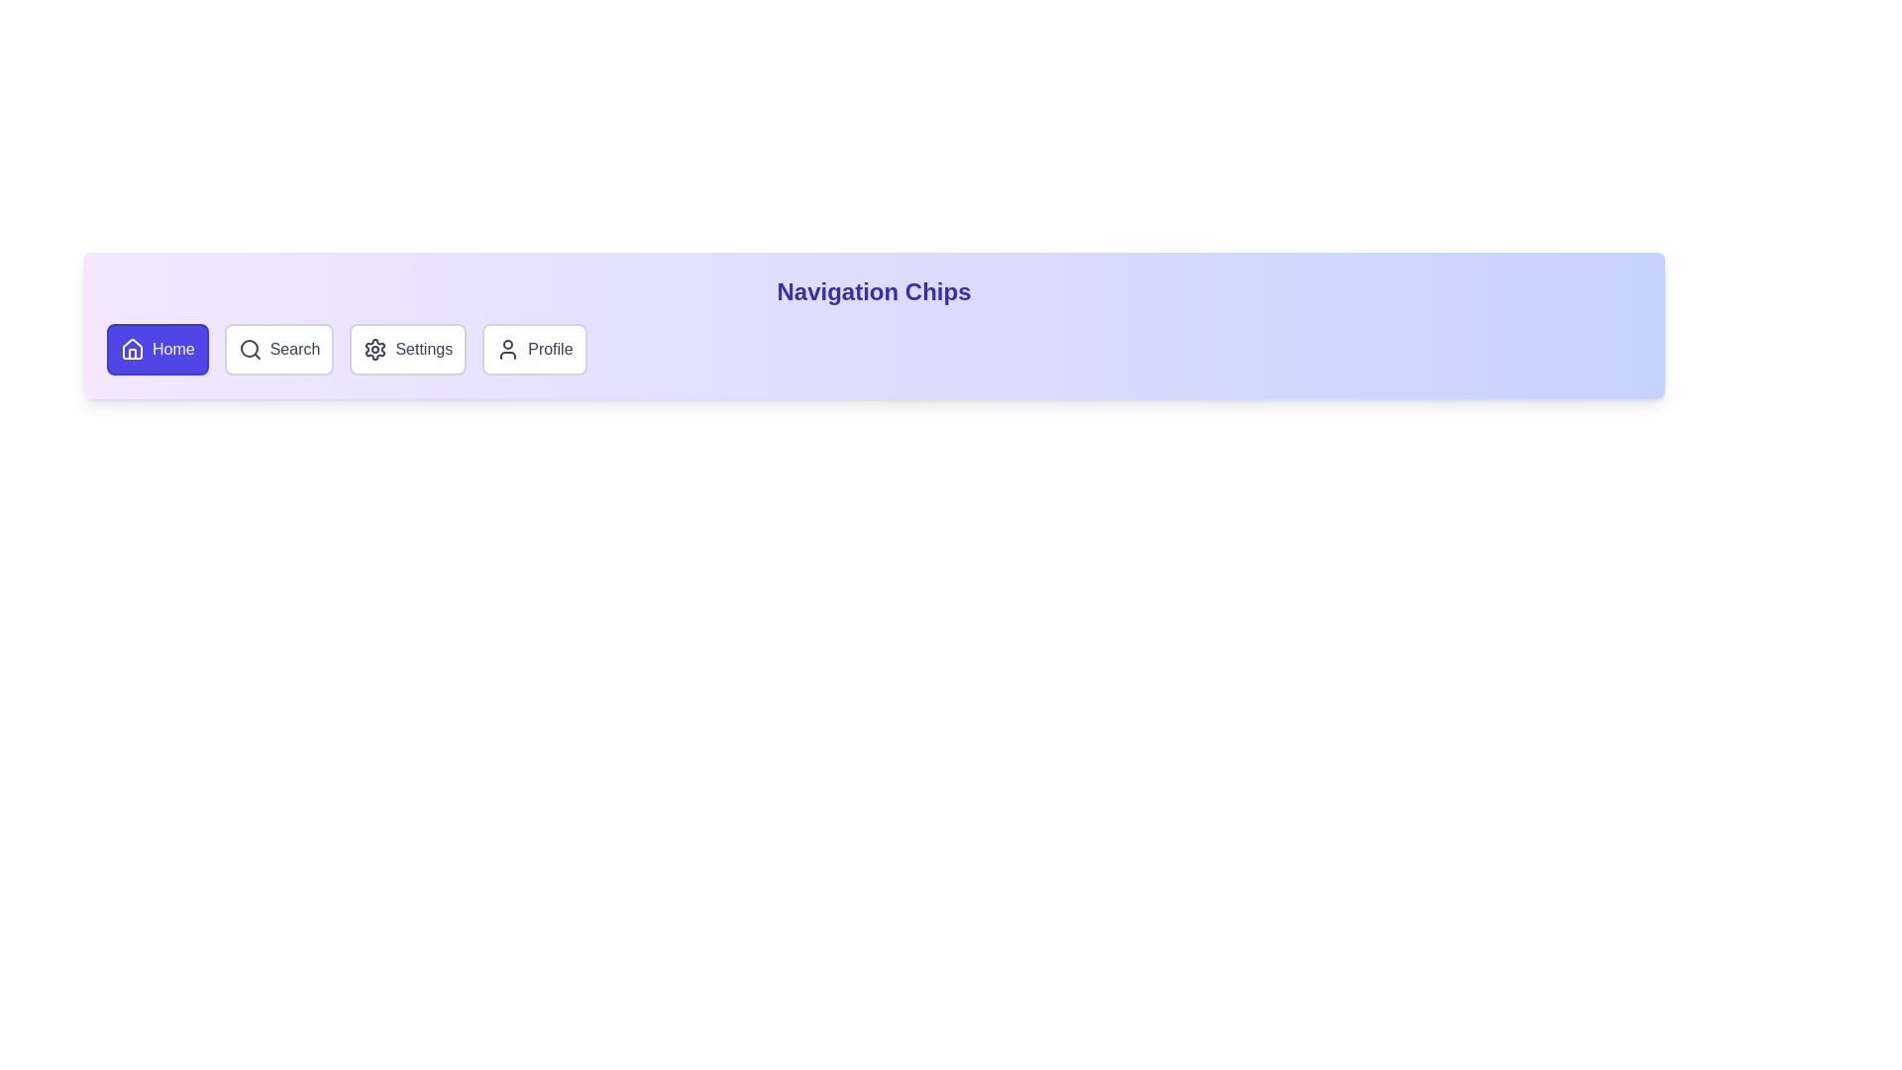 This screenshot has height=1070, width=1902. What do you see at coordinates (278, 349) in the screenshot?
I see `the chip labeled Search to activate it` at bounding box center [278, 349].